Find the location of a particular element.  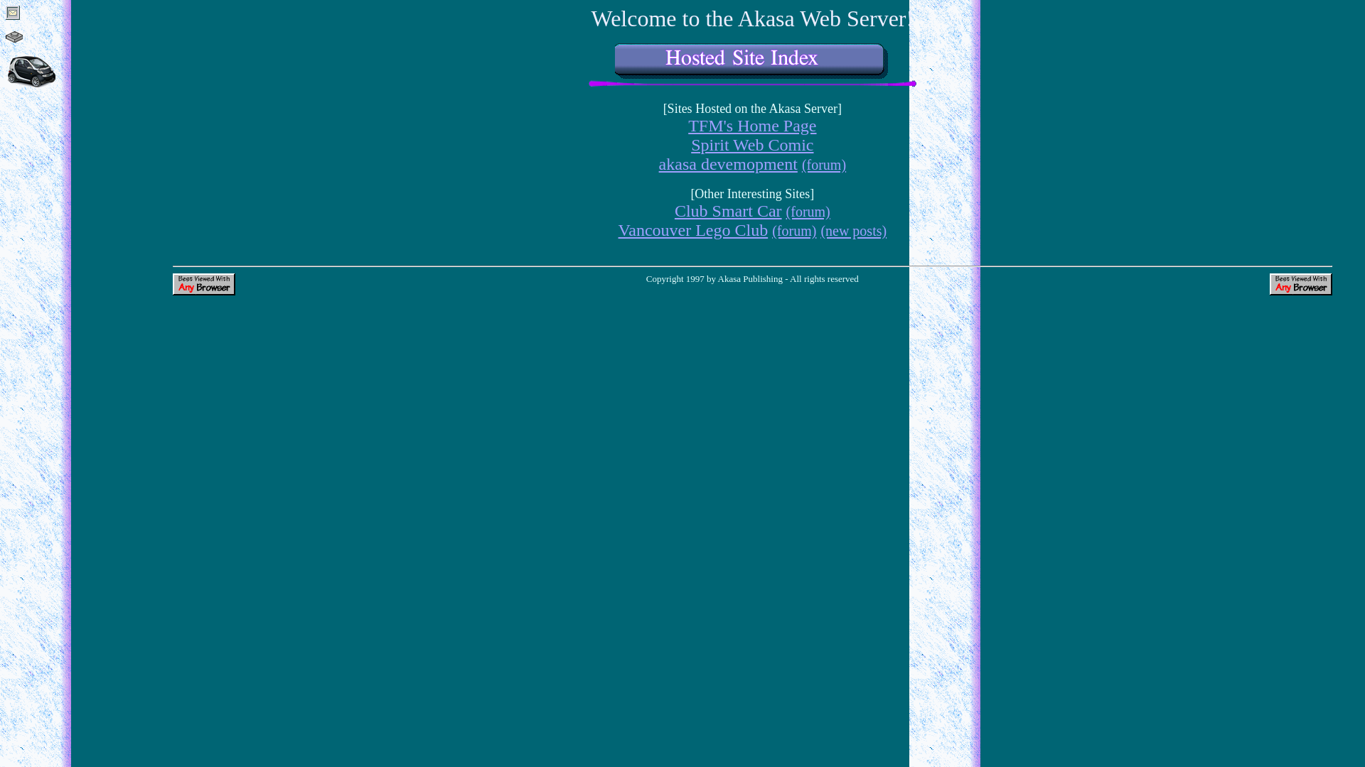

'akasa devemopment' is located at coordinates (728, 163).